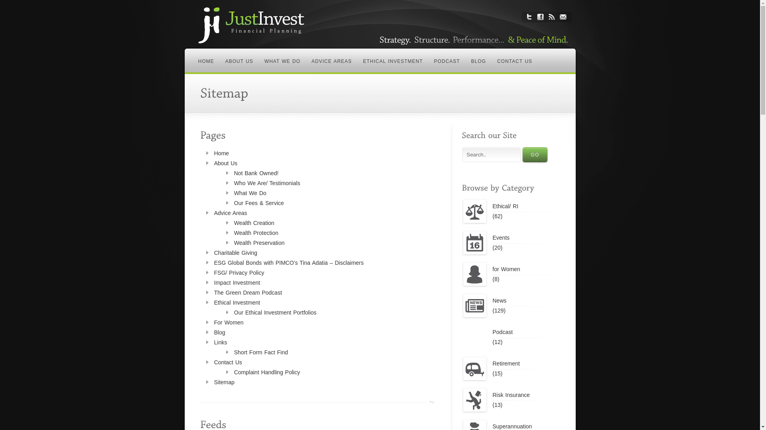 This screenshot has height=430, width=766. Describe the element at coordinates (214, 213) in the screenshot. I see `'Advice Areas'` at that location.